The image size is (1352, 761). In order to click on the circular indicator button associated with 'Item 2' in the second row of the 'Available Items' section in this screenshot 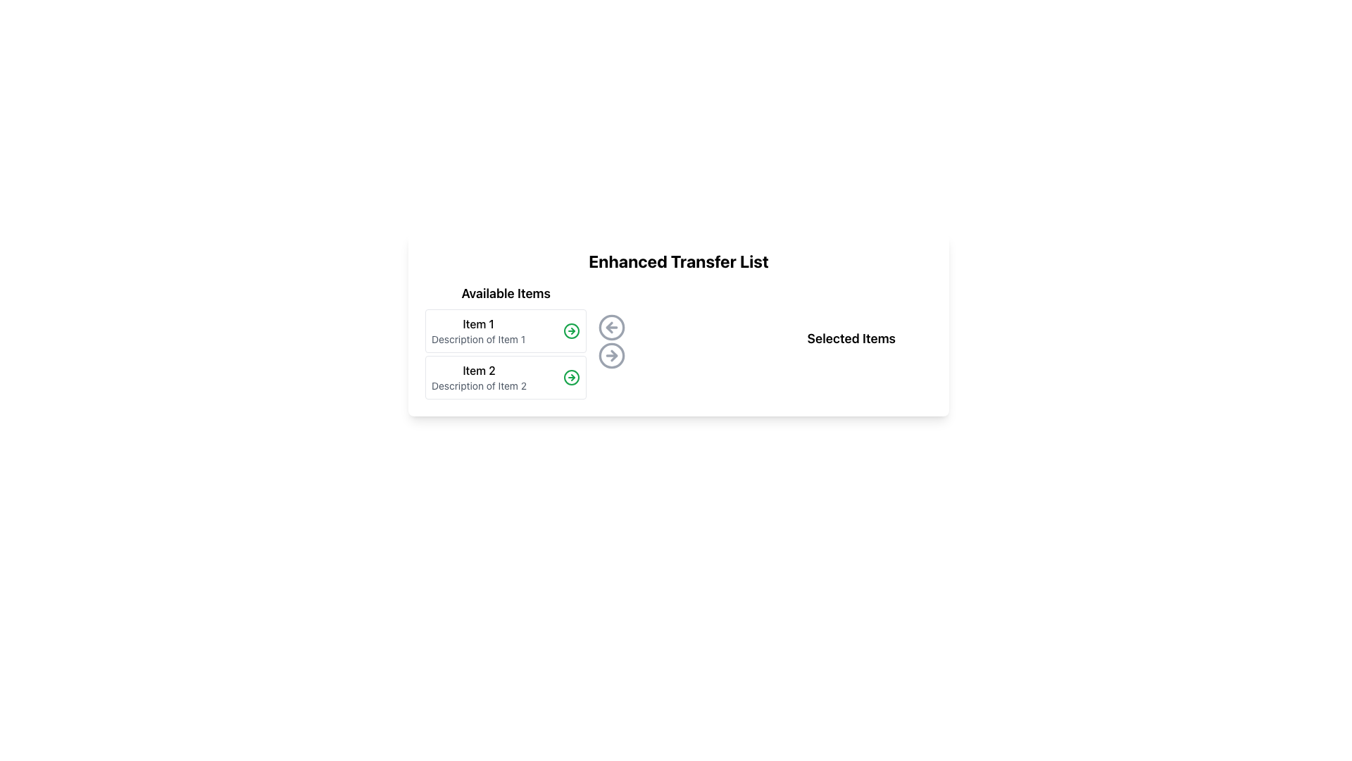, I will do `click(572, 331)`.